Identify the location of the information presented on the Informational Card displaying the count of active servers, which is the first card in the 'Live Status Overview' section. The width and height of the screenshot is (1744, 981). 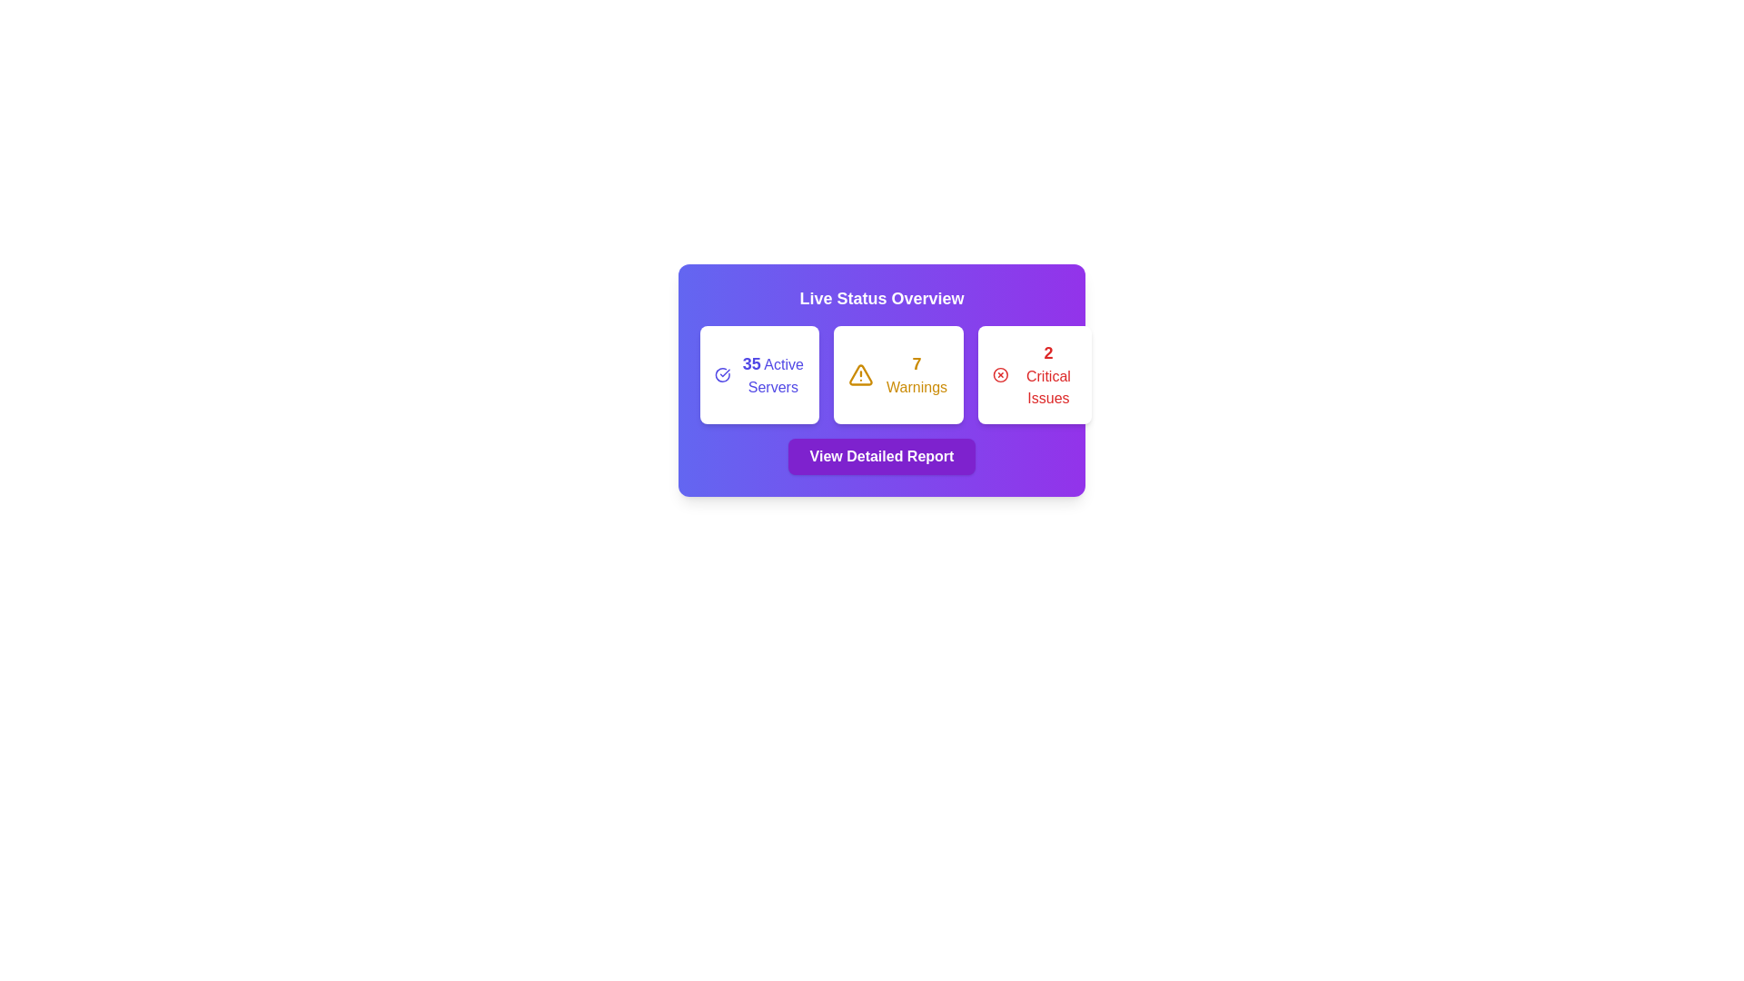
(759, 373).